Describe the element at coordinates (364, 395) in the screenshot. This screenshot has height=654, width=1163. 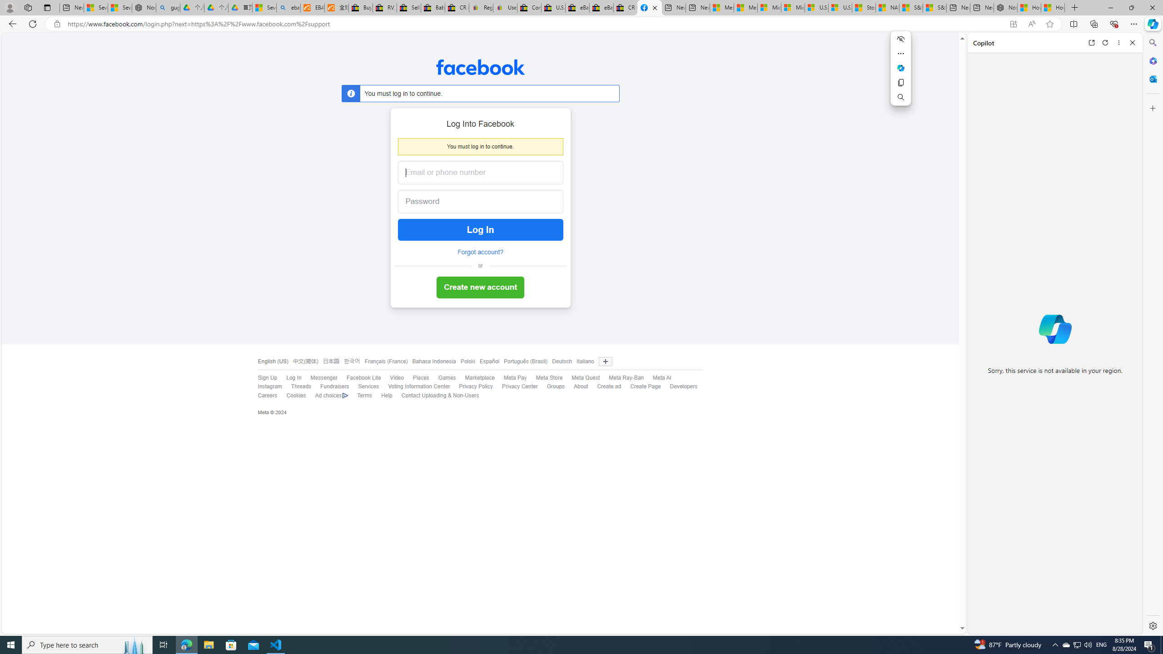
I see `'Terms'` at that location.